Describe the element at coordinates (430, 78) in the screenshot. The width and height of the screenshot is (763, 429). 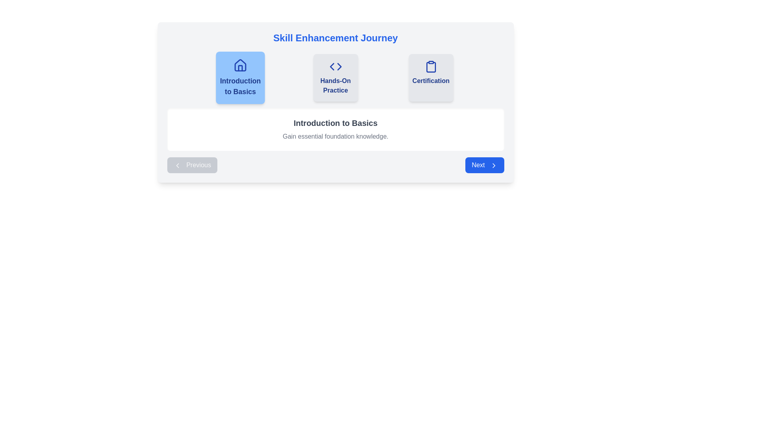
I see `the third navigation button positioned to the right of 'Hands-On Practice', which indicates progress in a multi-step journey` at that location.